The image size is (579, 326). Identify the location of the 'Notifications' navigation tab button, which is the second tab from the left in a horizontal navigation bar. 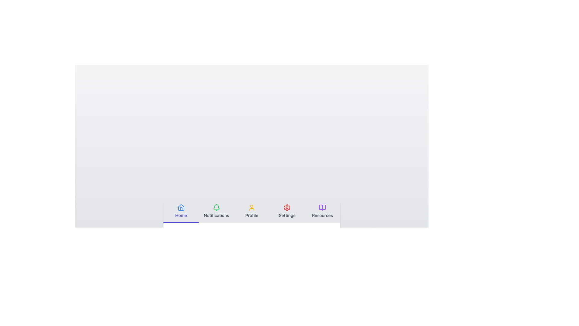
(216, 211).